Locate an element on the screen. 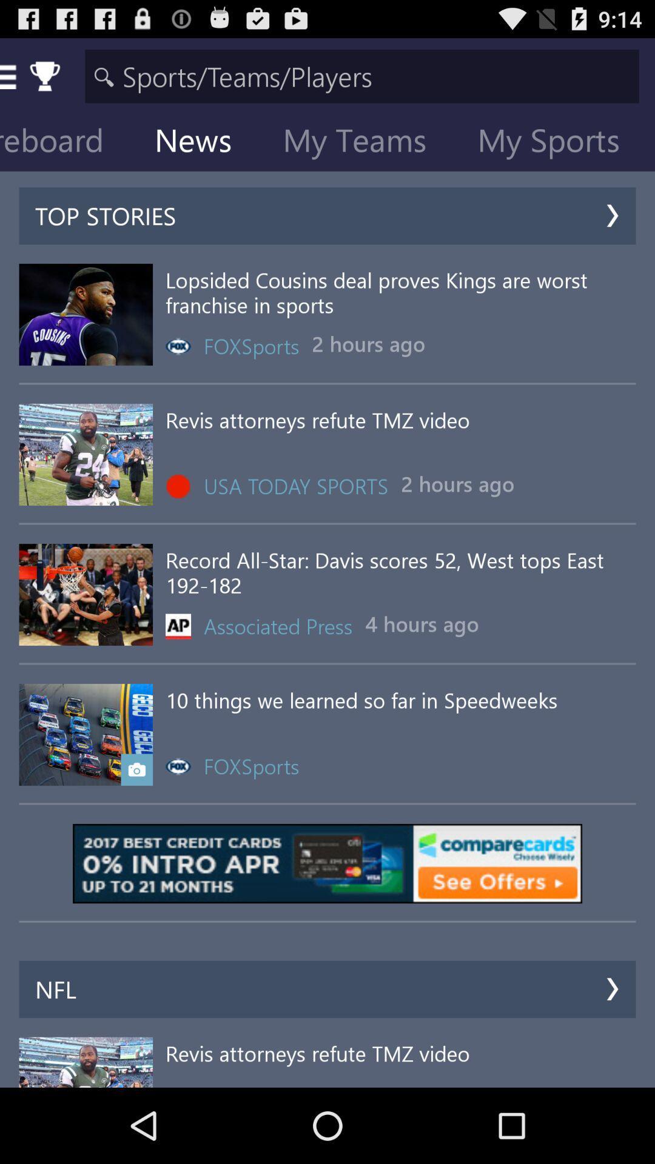  item next to my teams is located at coordinates (202, 142).